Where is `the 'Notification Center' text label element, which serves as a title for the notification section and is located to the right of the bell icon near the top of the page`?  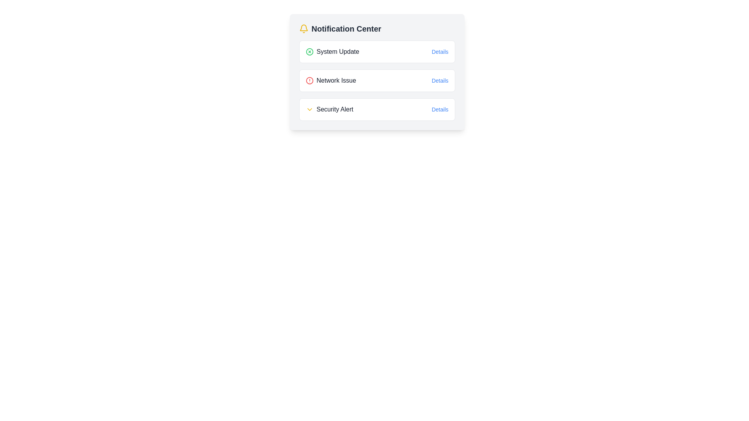
the 'Notification Center' text label element, which serves as a title for the notification section and is located to the right of the bell icon near the top of the page is located at coordinates (346, 28).